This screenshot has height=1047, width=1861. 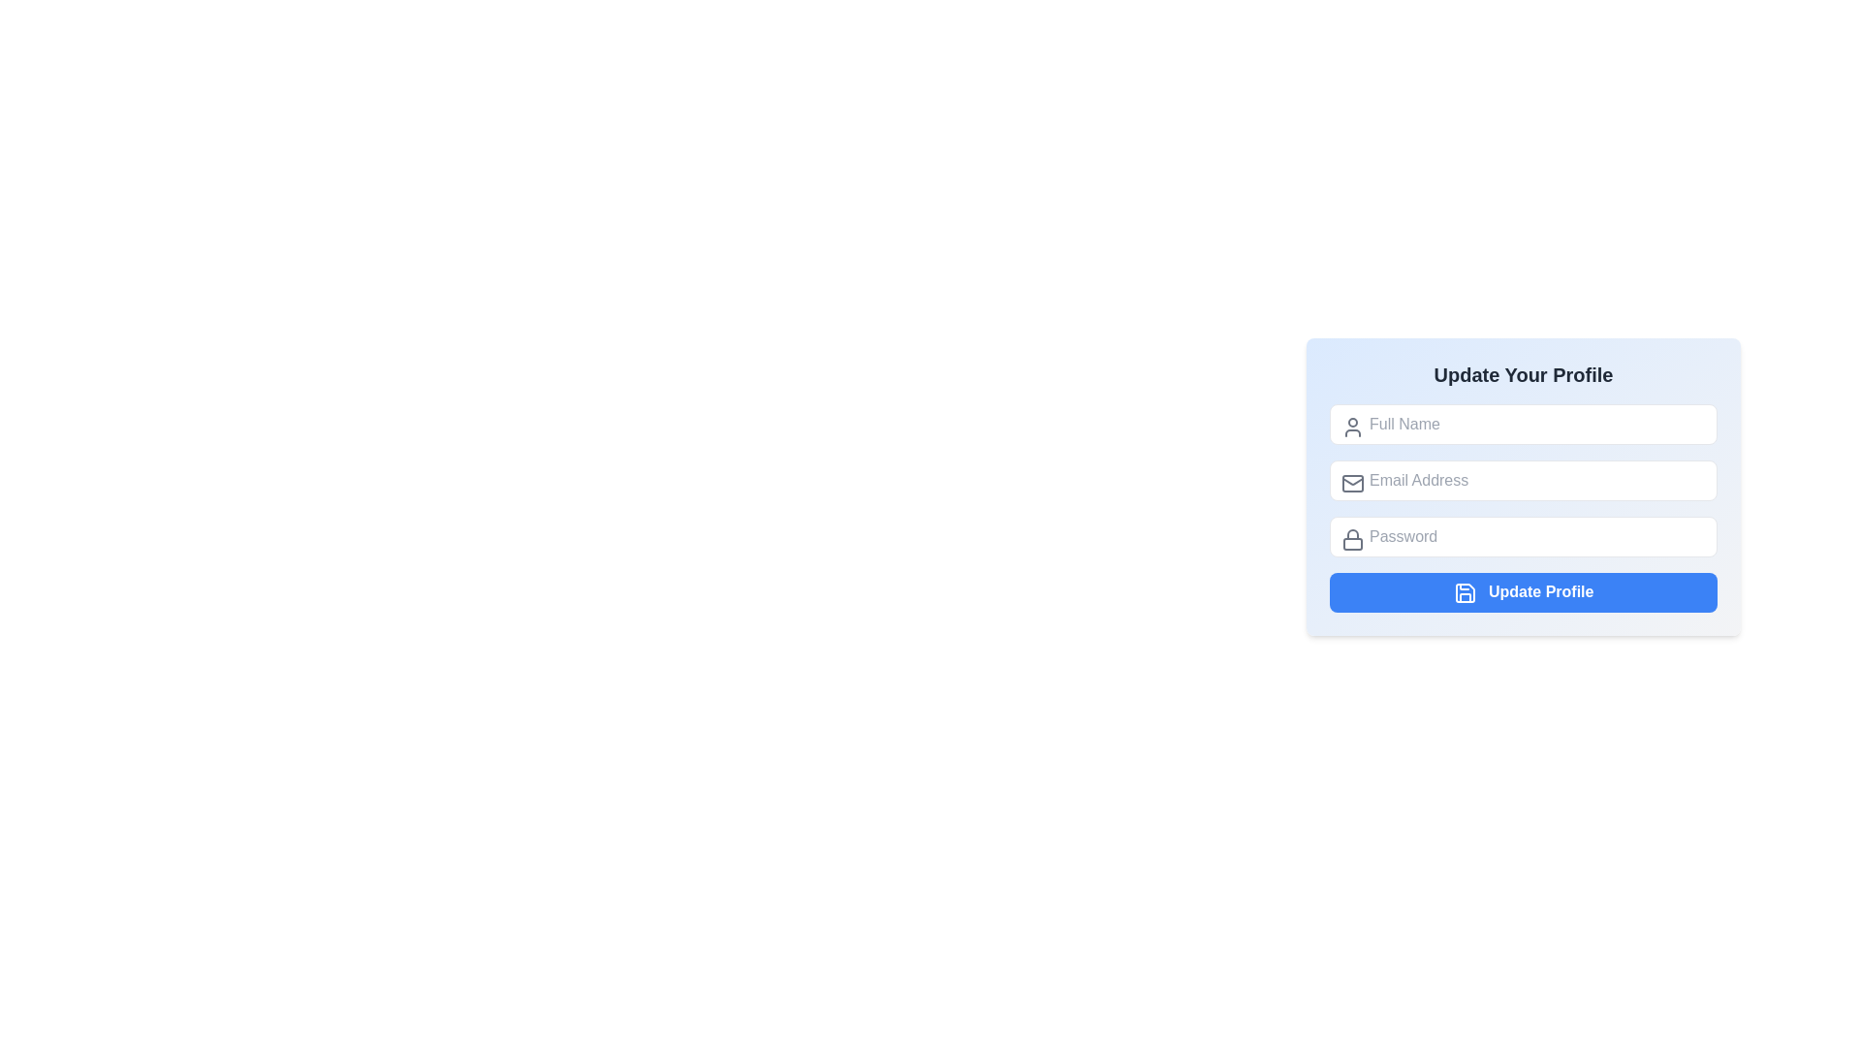 I want to click on the blue 'Update Profile' button with white text at the bottom of the form, so click(x=1522, y=590).